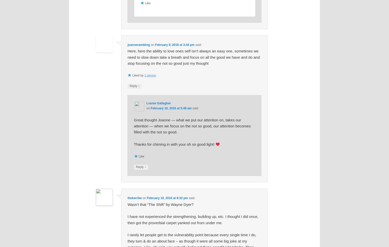 This screenshot has height=247, width=389. Describe the element at coordinates (192, 126) in the screenshot. I see `'Great thought Joanne — what we put our attention on, takes our attention — when we focus on the not so good, our attention becomes filled with the not so good.'` at that location.